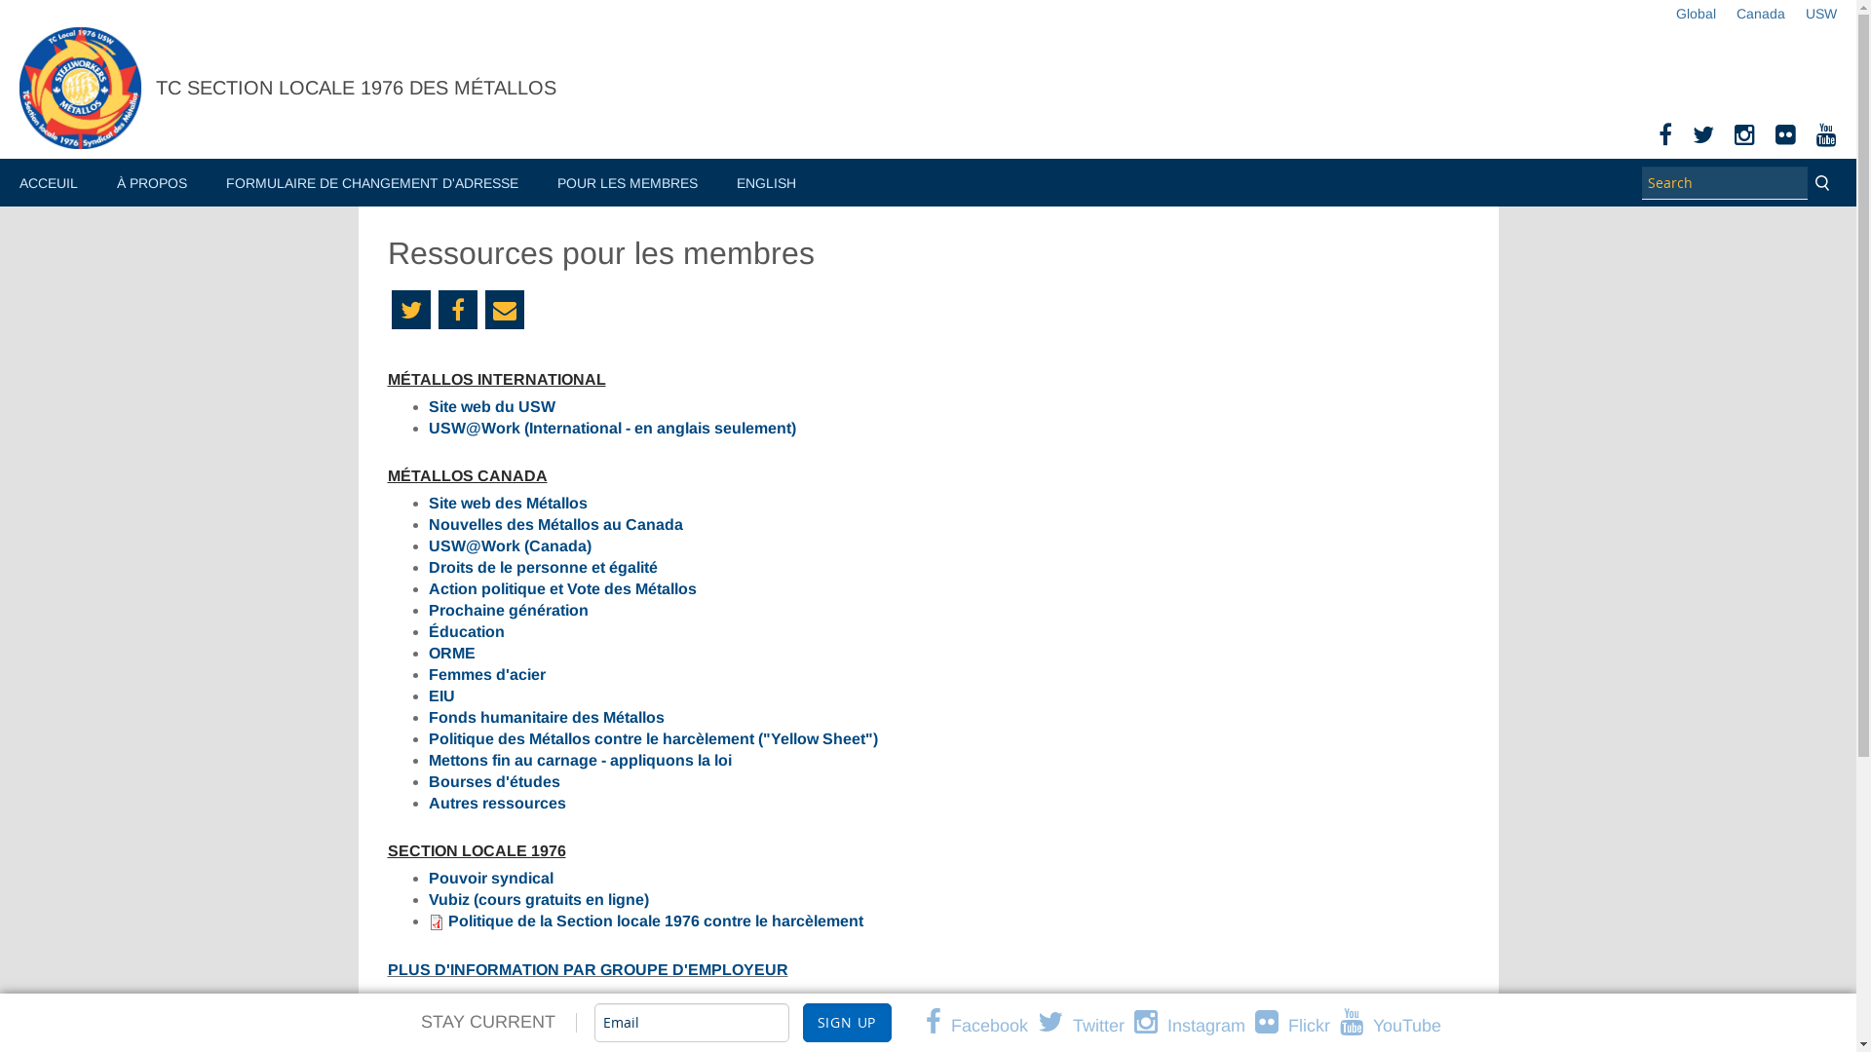 This screenshot has height=1052, width=1871. Describe the element at coordinates (491, 878) in the screenshot. I see `'Pouvoir syndical'` at that location.